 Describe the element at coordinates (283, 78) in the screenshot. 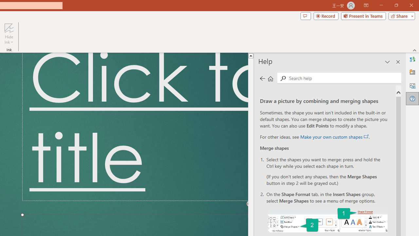

I see `'Search'` at that location.